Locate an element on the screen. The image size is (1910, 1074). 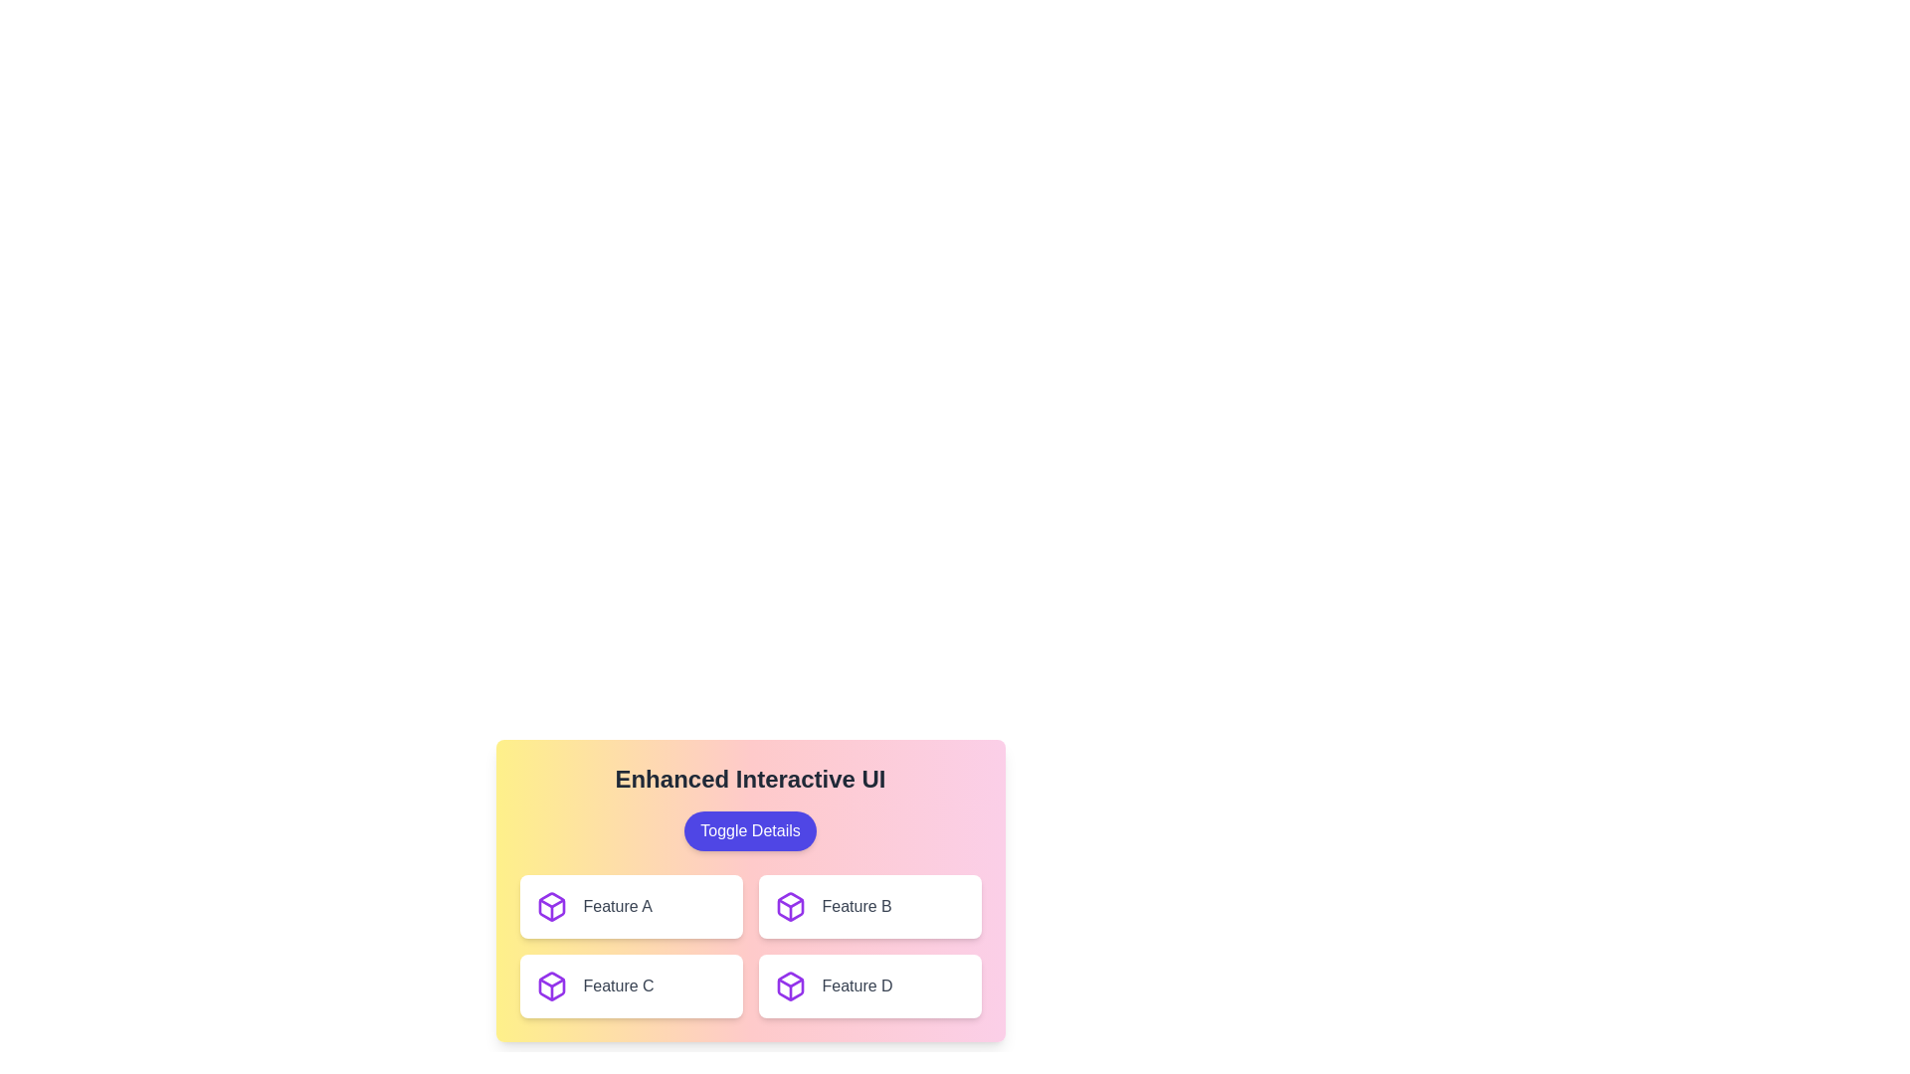
the rounded rectangular button with the text 'Toggle Details' that is located centrally below the heading 'Enhanced Interactive UI' to observe potential hover effects is located at coordinates (749, 831).